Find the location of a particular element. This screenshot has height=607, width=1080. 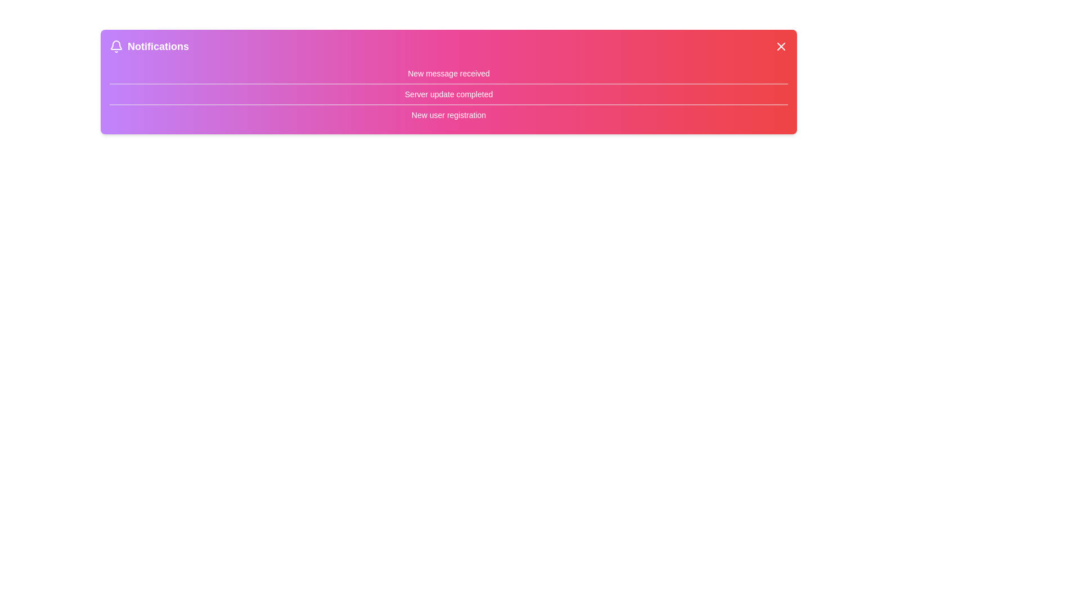

the close button icon located at the top-right corner of the notification panel is located at coordinates (780, 46).